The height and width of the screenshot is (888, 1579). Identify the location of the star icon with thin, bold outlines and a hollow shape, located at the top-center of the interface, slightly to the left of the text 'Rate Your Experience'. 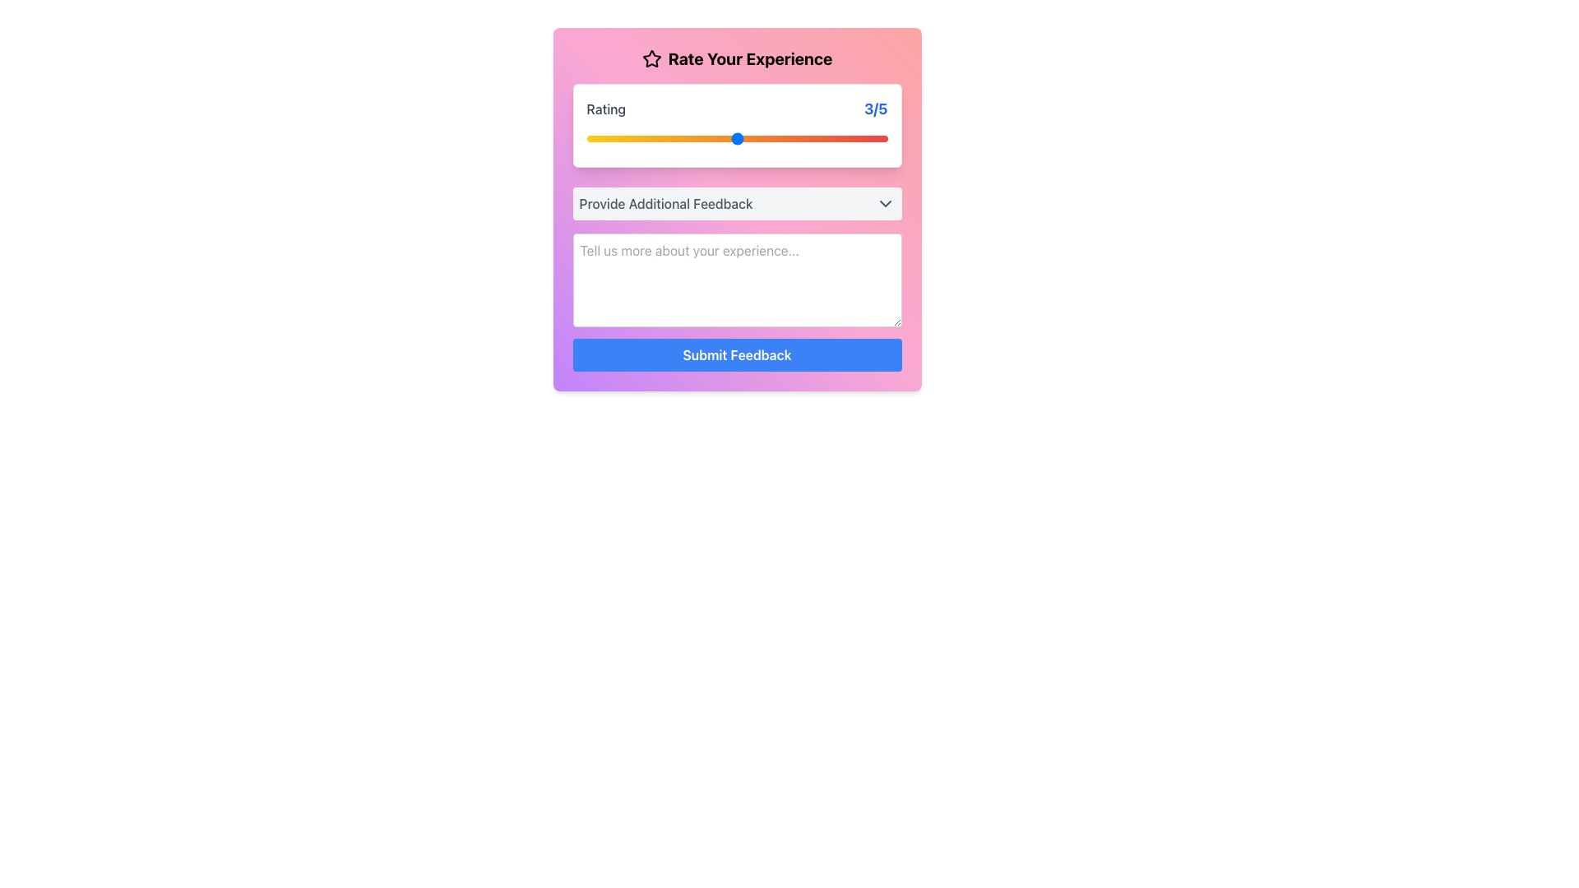
(651, 58).